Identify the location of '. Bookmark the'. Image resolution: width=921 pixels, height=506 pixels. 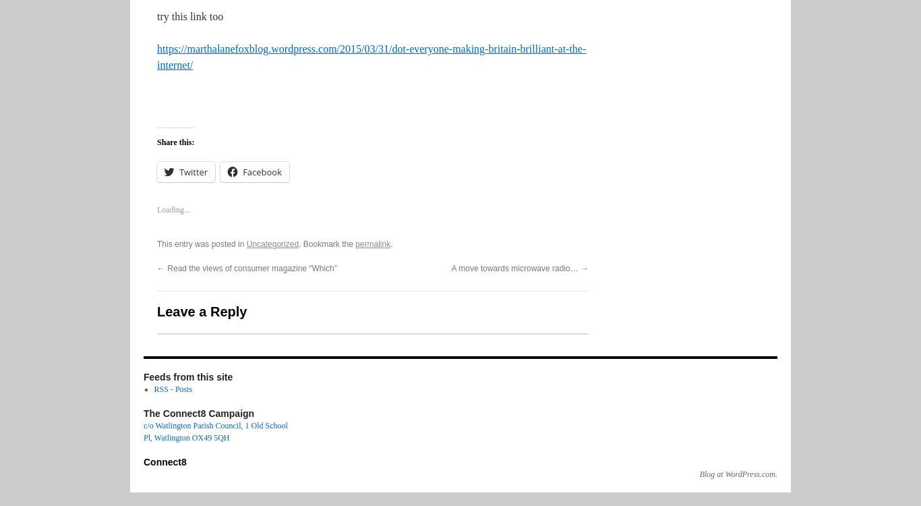
(327, 244).